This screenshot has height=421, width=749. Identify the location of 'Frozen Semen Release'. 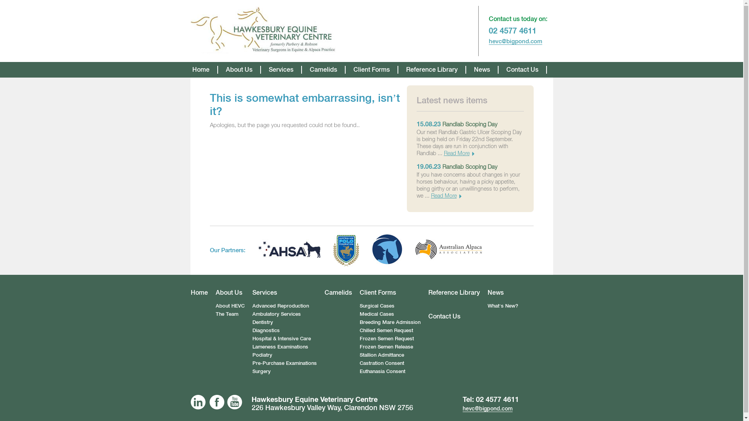
(386, 346).